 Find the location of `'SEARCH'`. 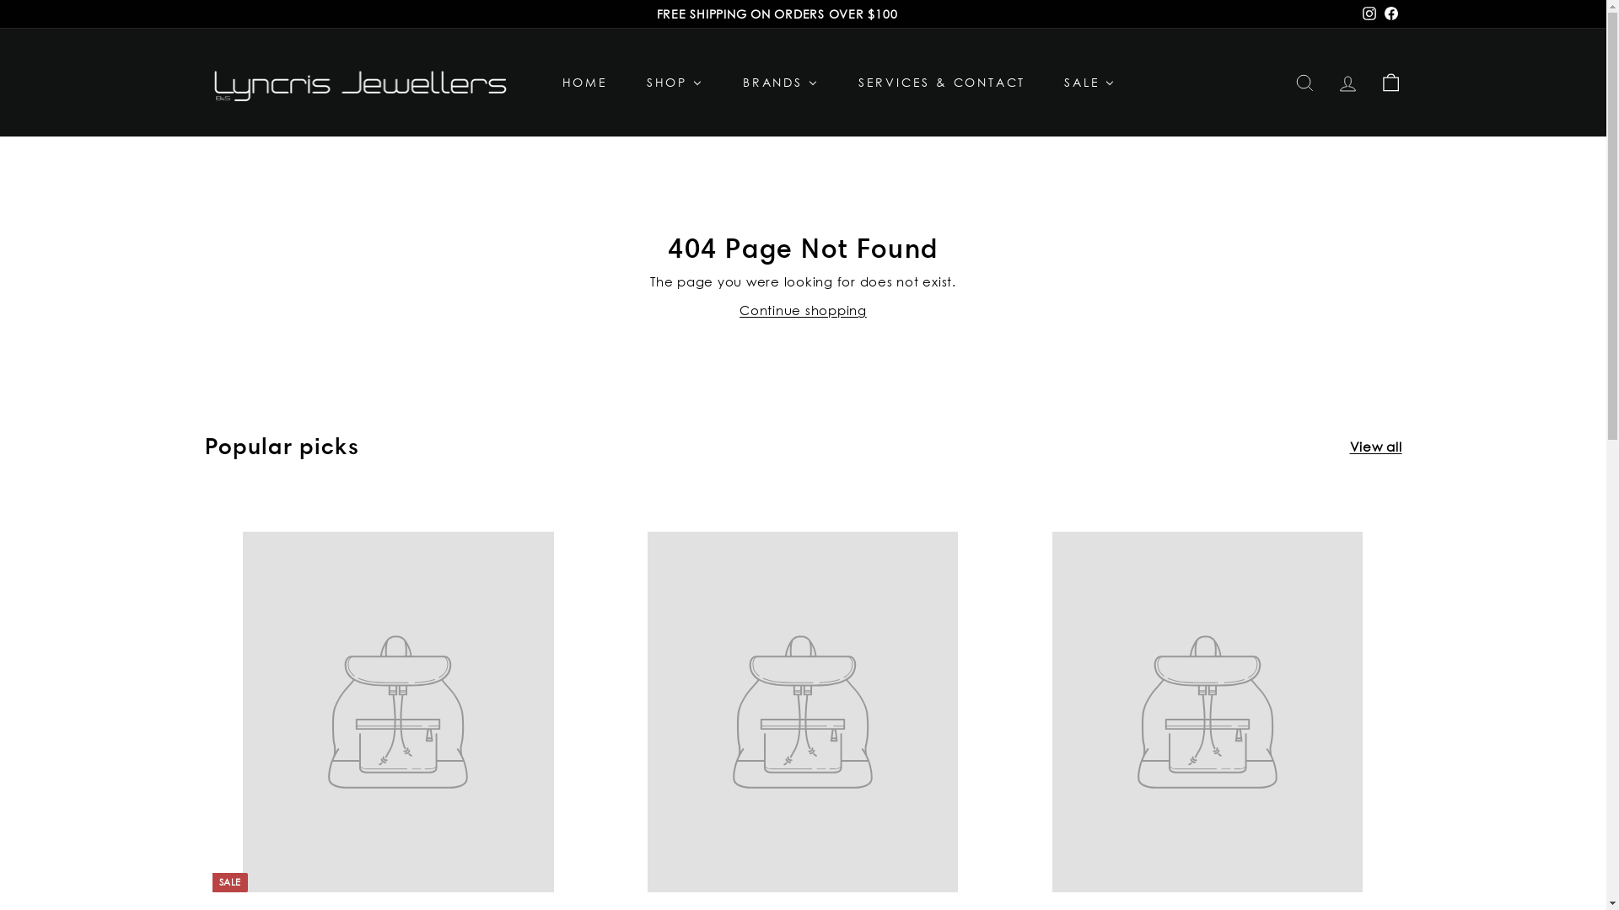

'SEARCH' is located at coordinates (1304, 83).